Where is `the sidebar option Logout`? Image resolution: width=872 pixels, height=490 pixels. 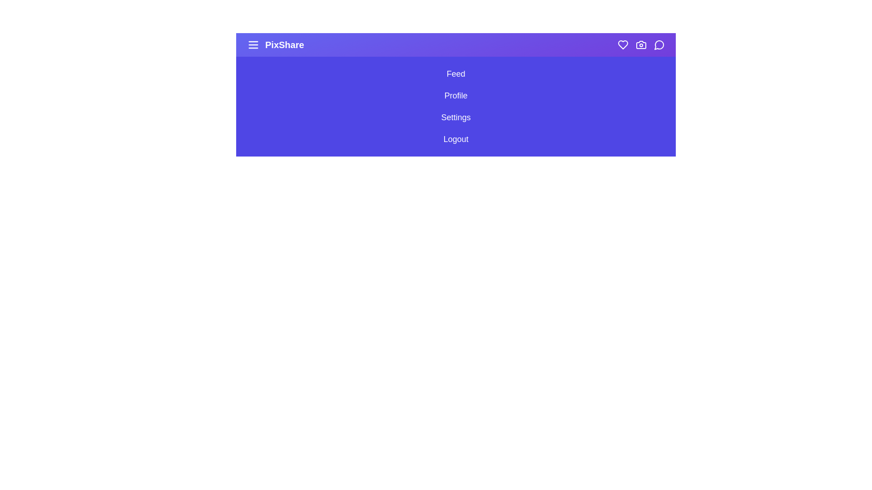
the sidebar option Logout is located at coordinates (456, 139).